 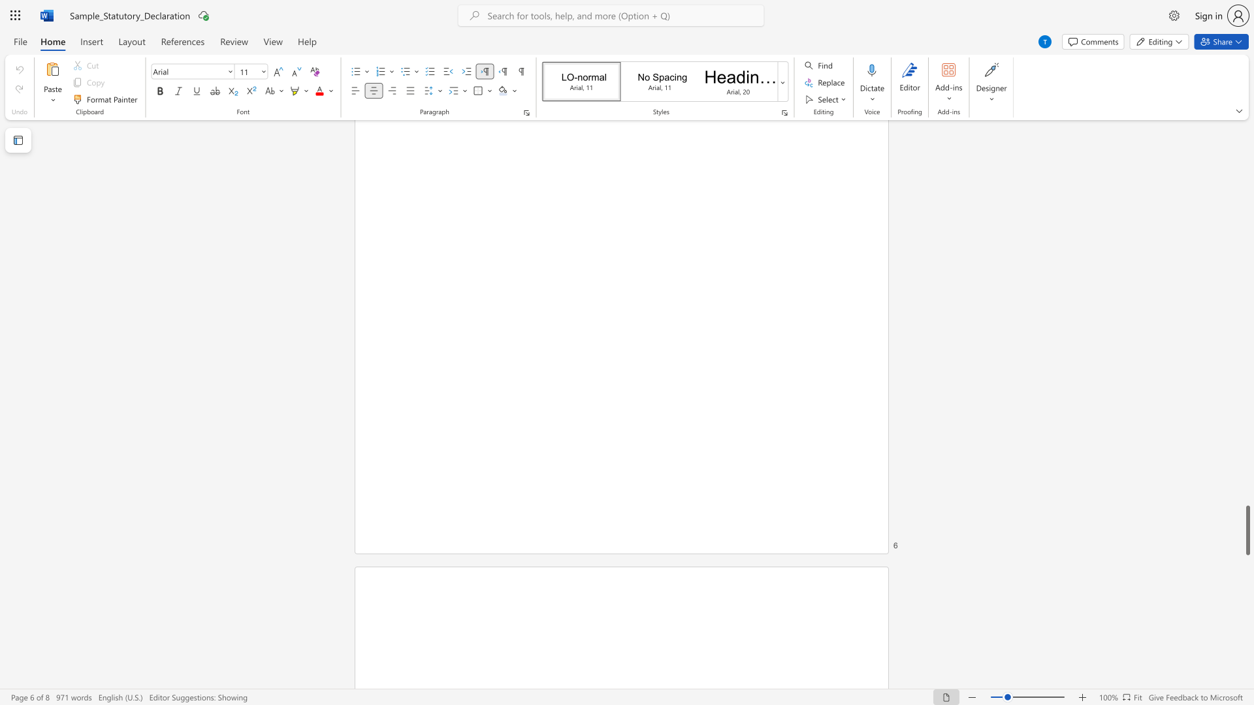 What do you see at coordinates (1247, 242) in the screenshot?
I see `the scrollbar to scroll the page up` at bounding box center [1247, 242].